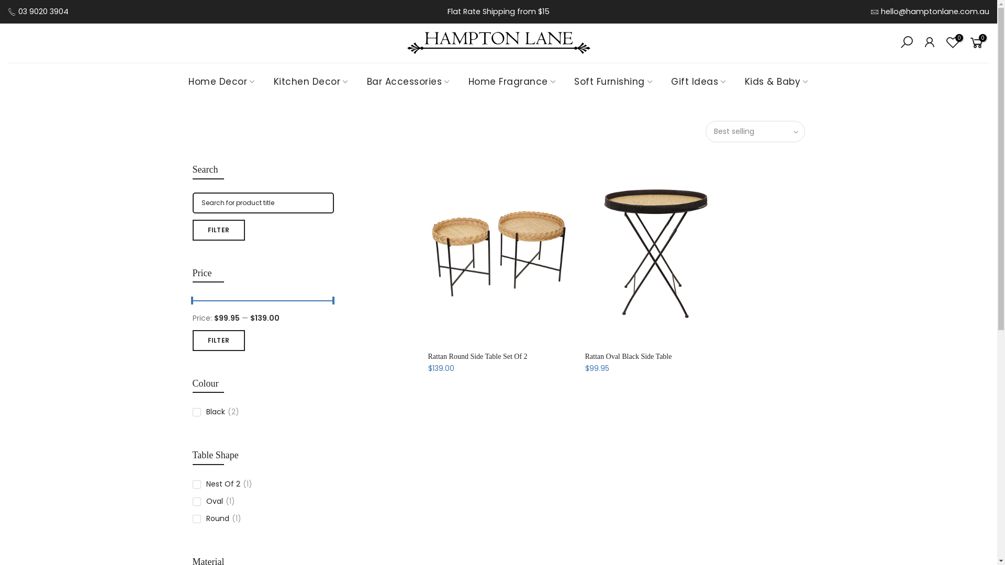 This screenshot has height=565, width=1005. What do you see at coordinates (477, 356) in the screenshot?
I see `'Rattan Round Side Table Set Of 2'` at bounding box center [477, 356].